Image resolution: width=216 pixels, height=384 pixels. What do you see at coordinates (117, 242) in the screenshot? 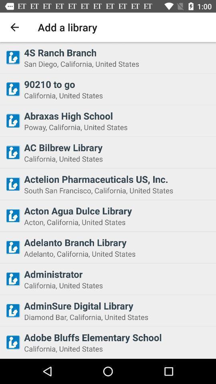
I see `the adelanto branch library item` at bounding box center [117, 242].